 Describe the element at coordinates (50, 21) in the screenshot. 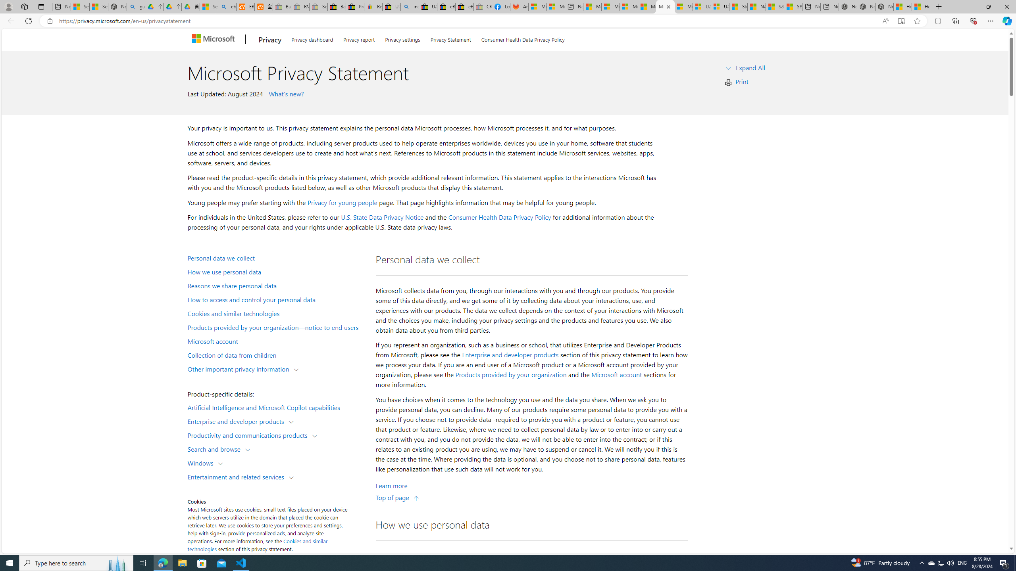

I see `'View site information'` at that location.